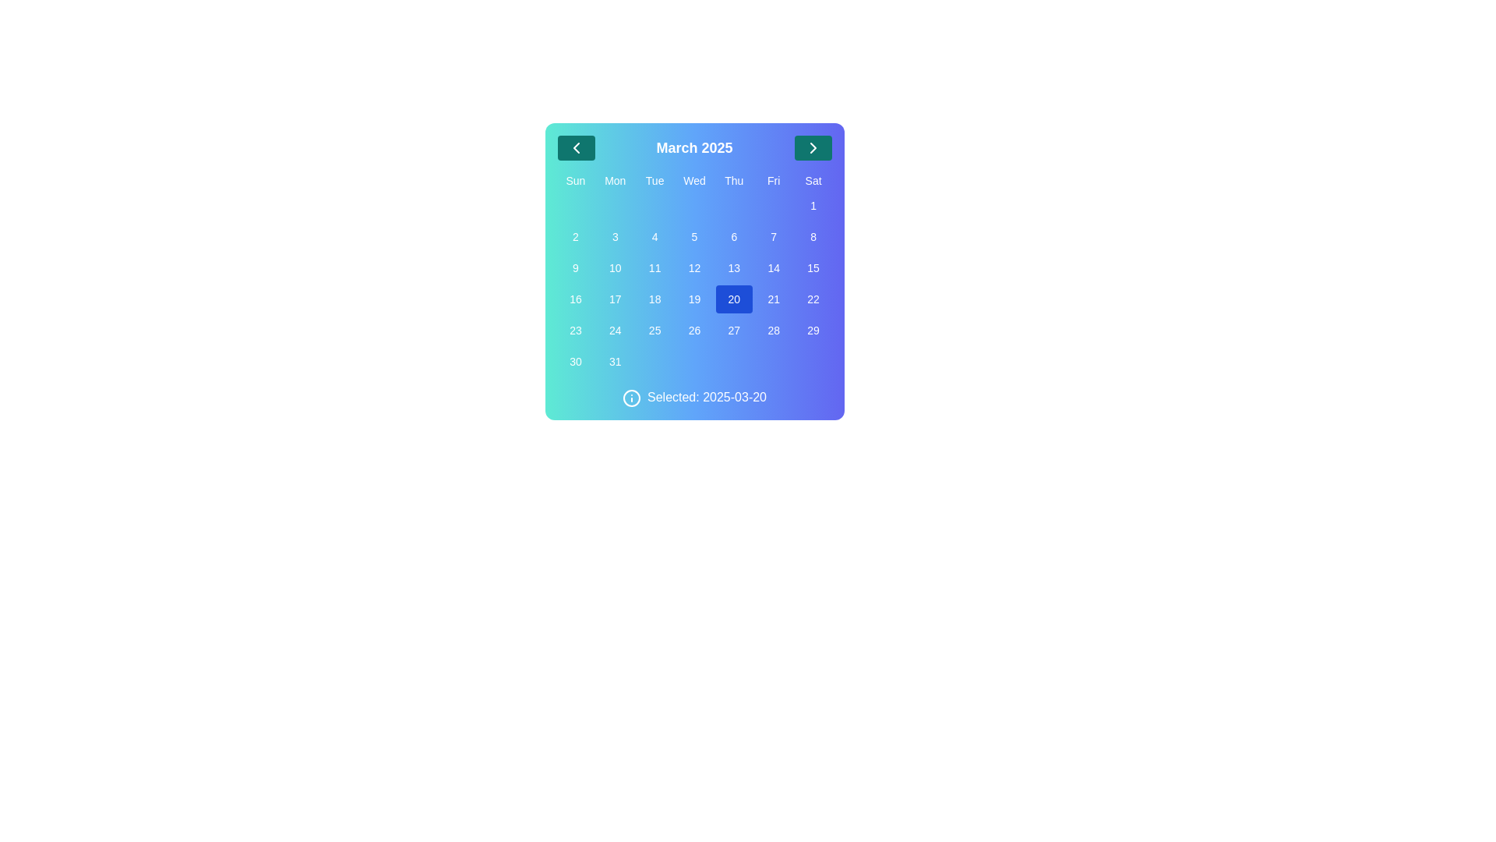 The image size is (1496, 842). Describe the element at coordinates (812, 147) in the screenshot. I see `the teal-colored button with a white rightward chevron icon` at that location.